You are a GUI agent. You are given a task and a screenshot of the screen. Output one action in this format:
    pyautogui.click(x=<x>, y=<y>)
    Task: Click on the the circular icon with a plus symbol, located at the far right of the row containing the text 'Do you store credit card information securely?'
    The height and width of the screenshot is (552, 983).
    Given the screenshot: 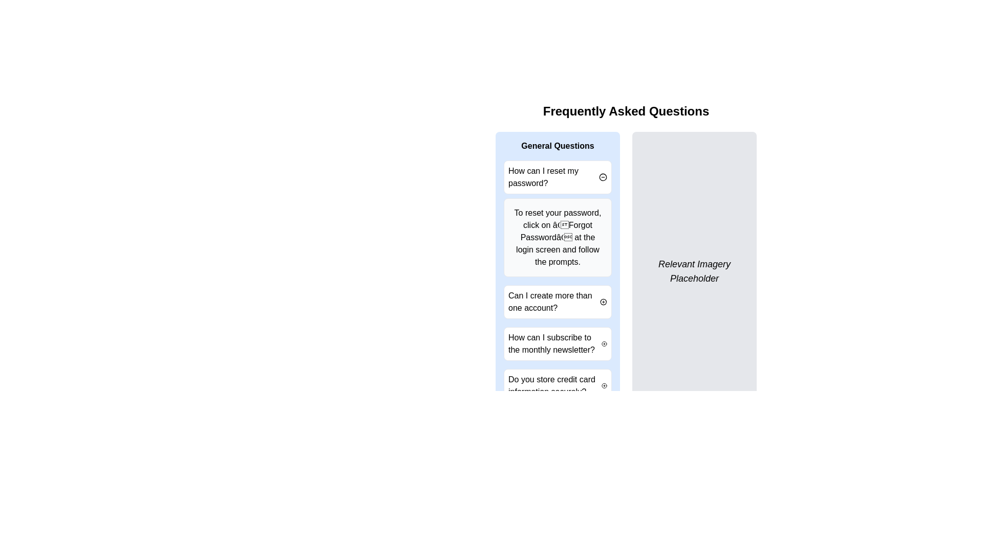 What is the action you would take?
    pyautogui.click(x=604, y=386)
    